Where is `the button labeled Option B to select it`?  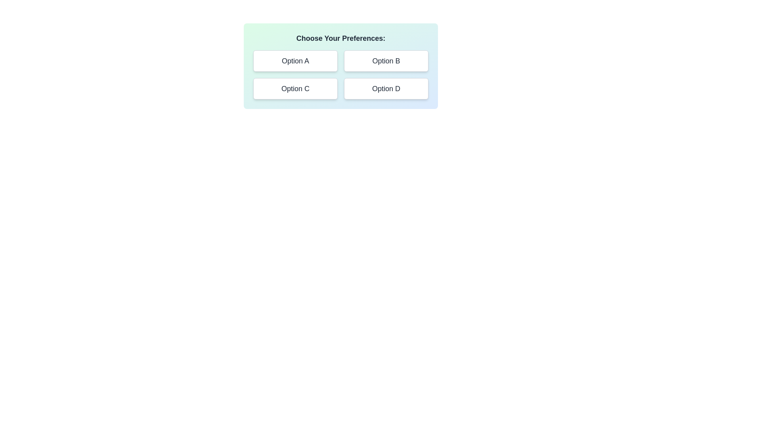
the button labeled Option B to select it is located at coordinates (386, 61).